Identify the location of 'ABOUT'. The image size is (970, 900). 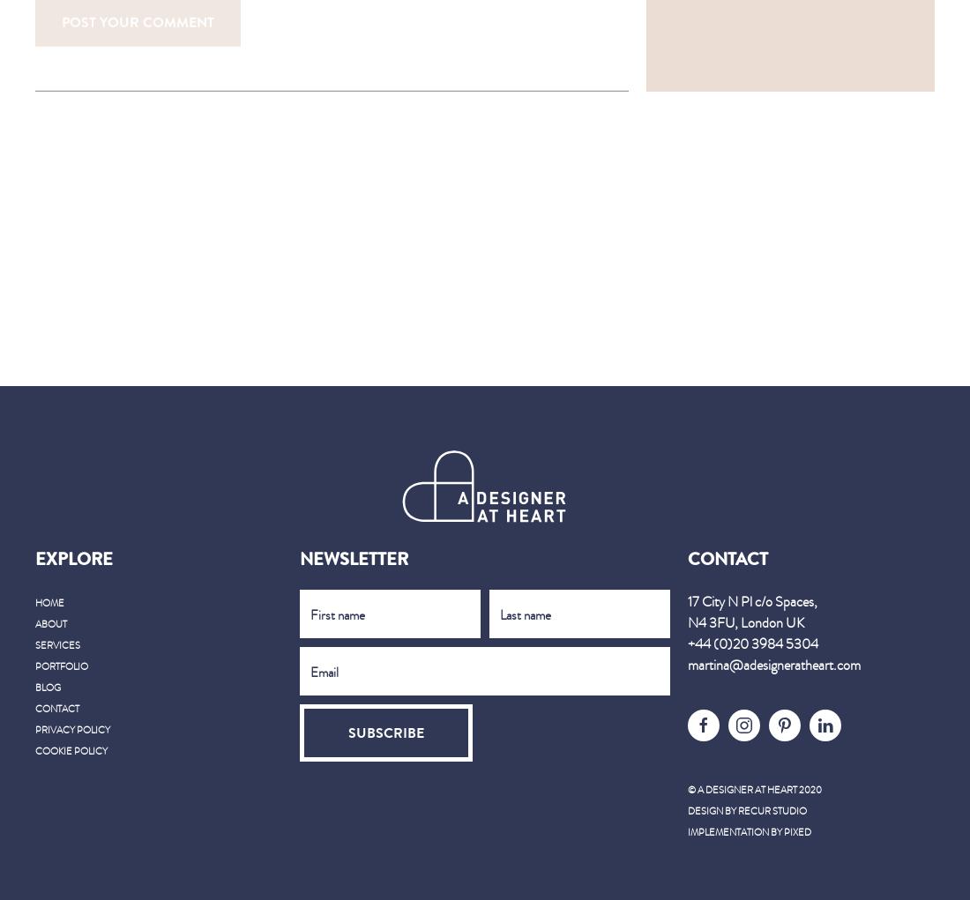
(34, 622).